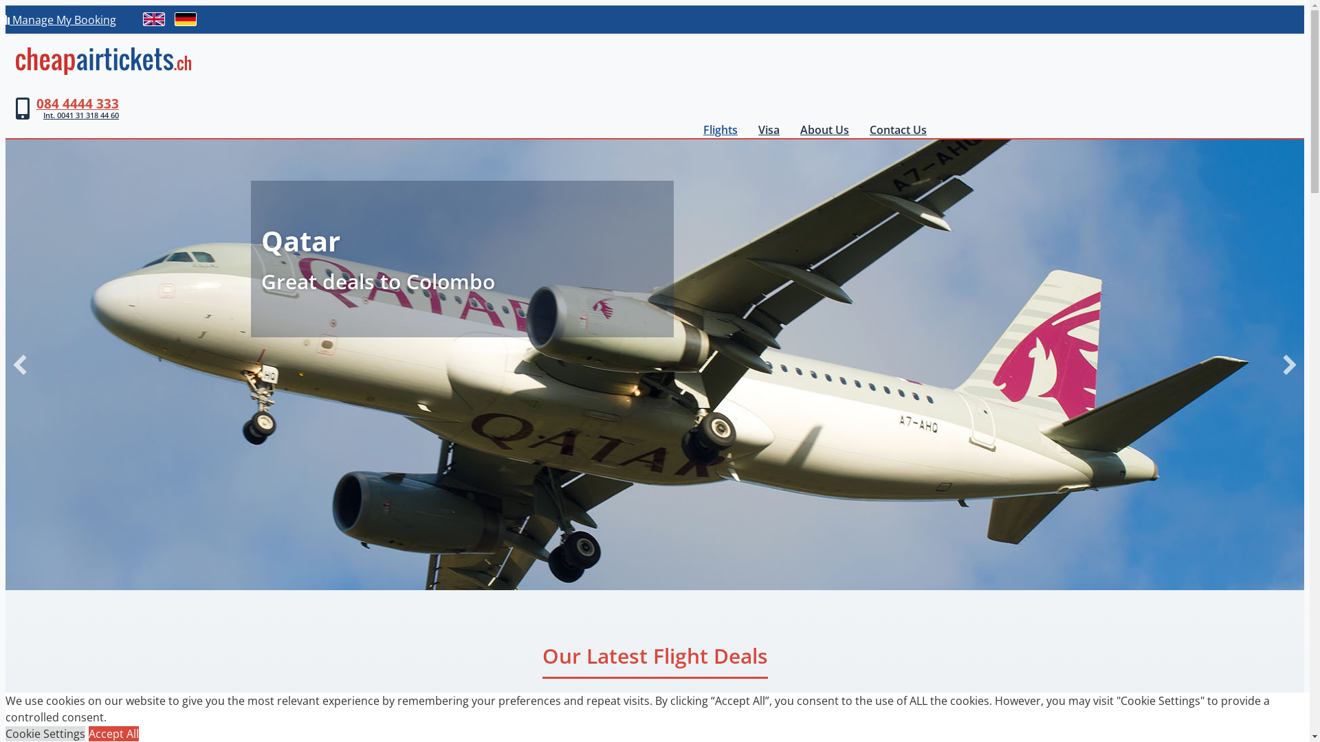 Image resolution: width=1320 pixels, height=742 pixels. I want to click on 'Int. 0041 31 318 44 60', so click(77, 115).